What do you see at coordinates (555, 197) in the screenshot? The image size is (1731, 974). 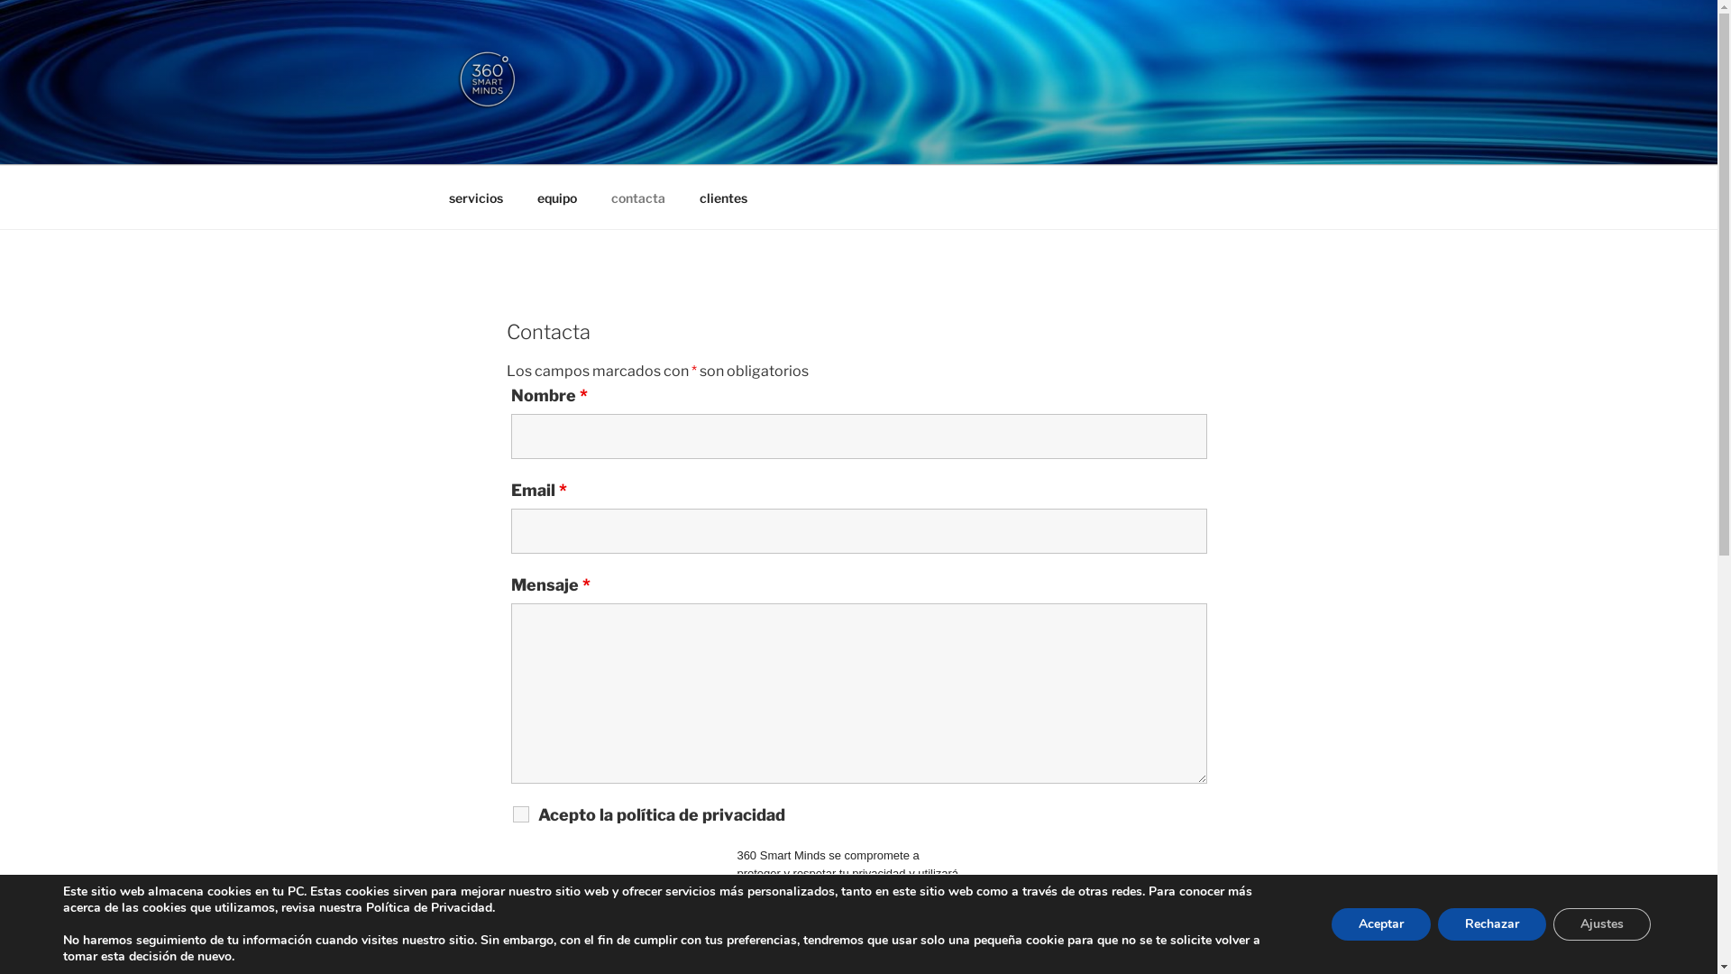 I see `'equipo'` at bounding box center [555, 197].